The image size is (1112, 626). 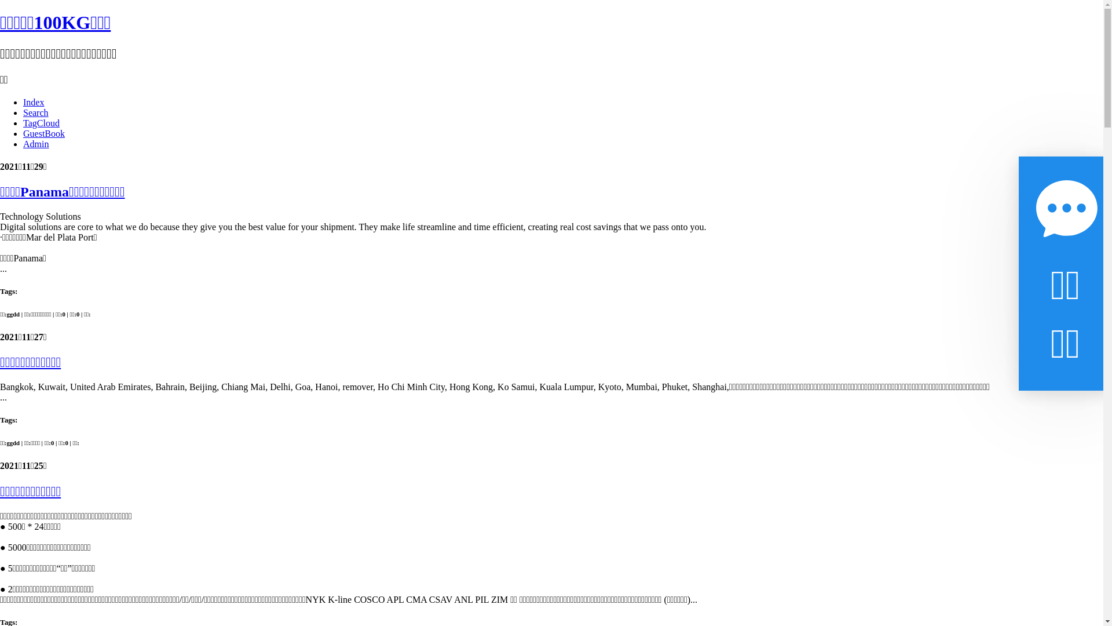 I want to click on 'GuestBook', so click(x=44, y=133).